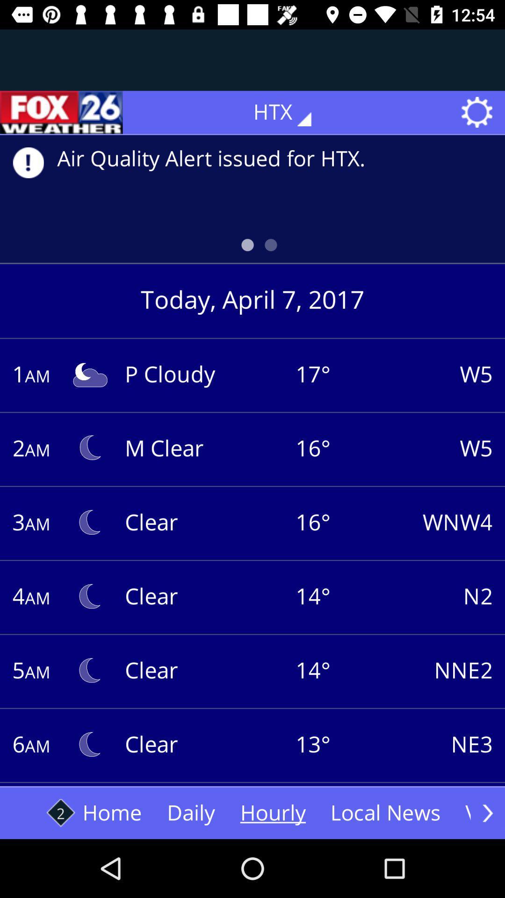 The width and height of the screenshot is (505, 898). Describe the element at coordinates (487, 812) in the screenshot. I see `the arrow_forward icon` at that location.